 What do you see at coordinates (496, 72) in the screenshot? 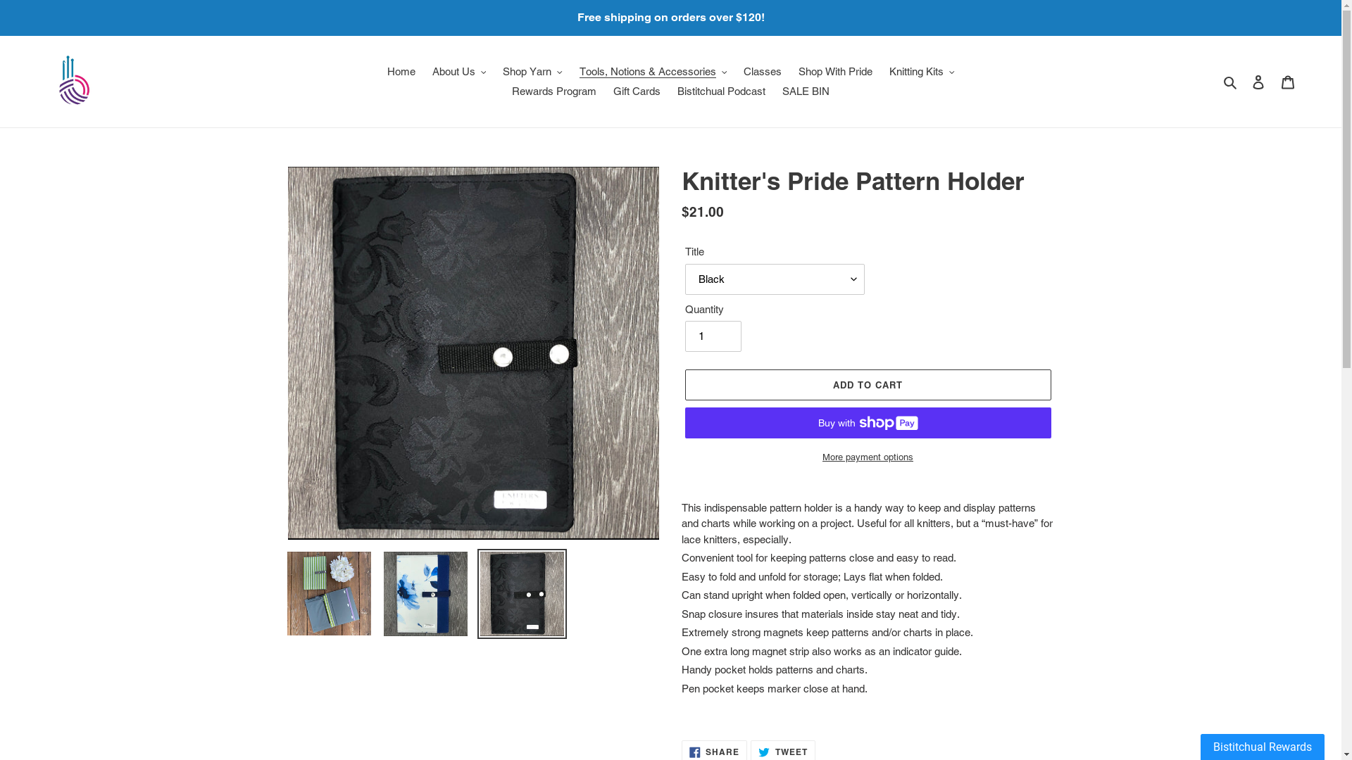
I see `'Shop Yarn'` at bounding box center [496, 72].